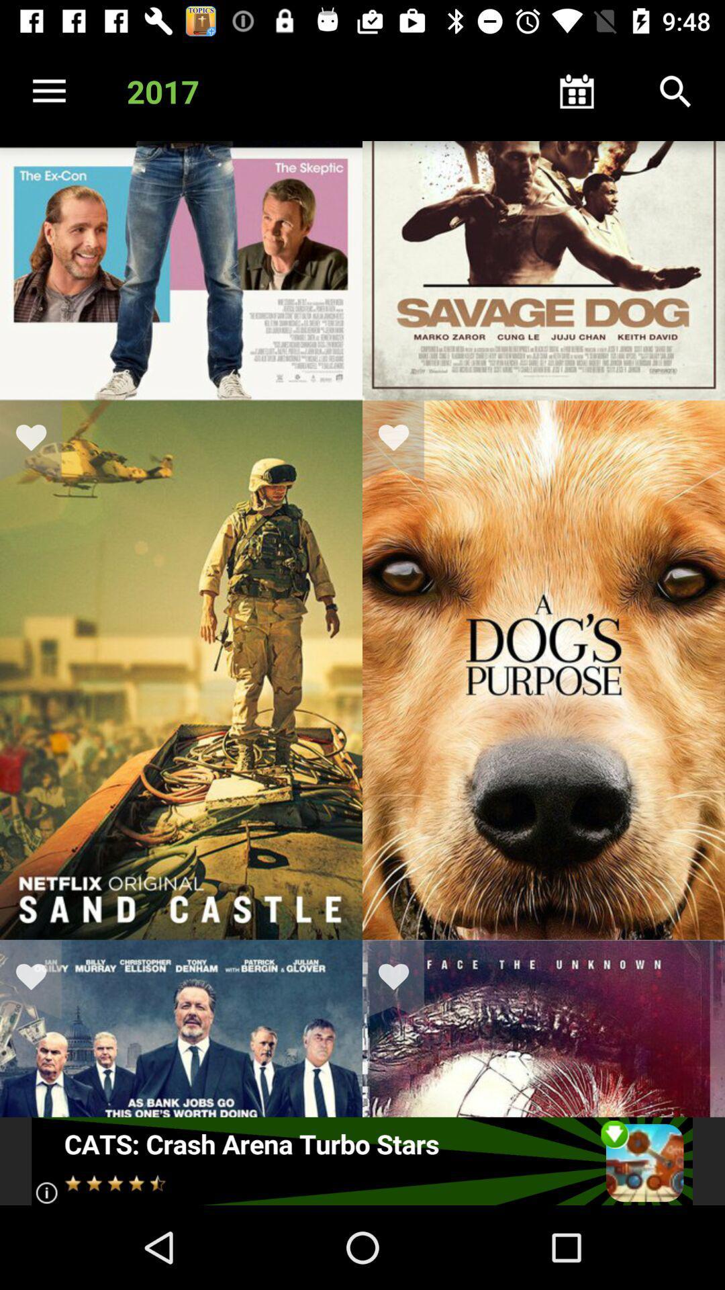 The width and height of the screenshot is (725, 1290). Describe the element at coordinates (39, 980) in the screenshot. I see `mark as favorite` at that location.